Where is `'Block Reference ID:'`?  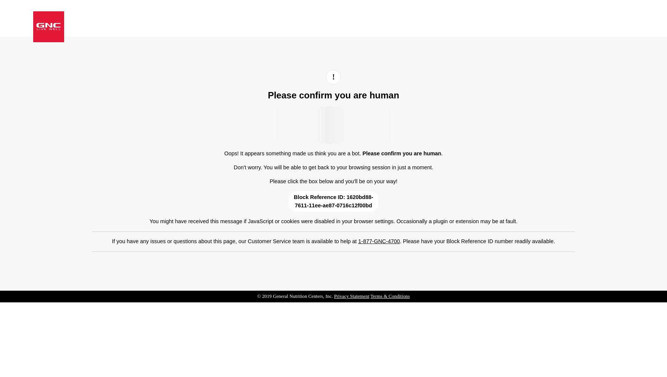 'Block Reference ID:' is located at coordinates (320, 197).